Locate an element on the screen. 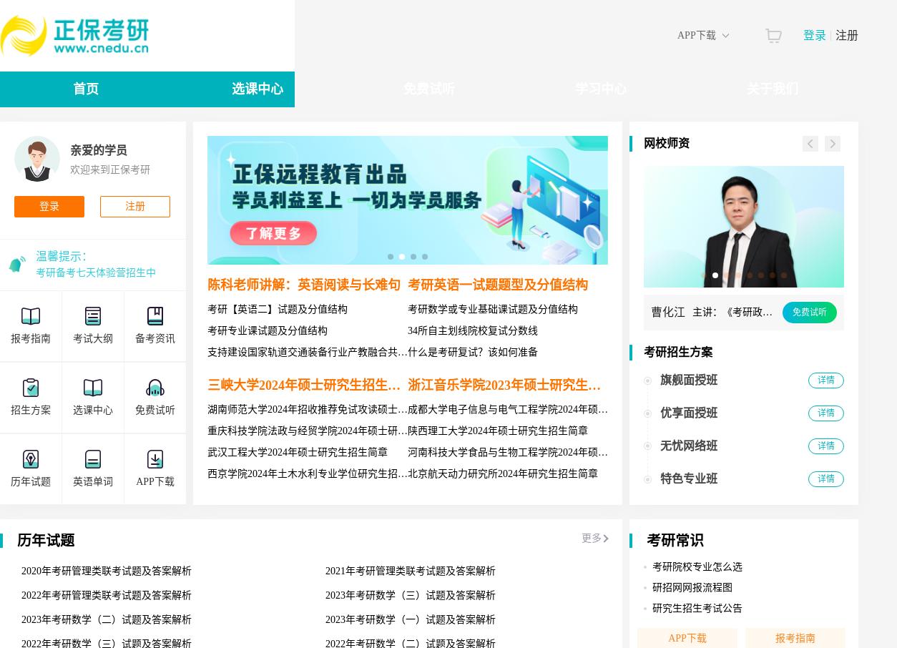 The width and height of the screenshot is (897, 648). '浙江音乐学院2023年硕士研究生招生简章' is located at coordinates (406, 385).